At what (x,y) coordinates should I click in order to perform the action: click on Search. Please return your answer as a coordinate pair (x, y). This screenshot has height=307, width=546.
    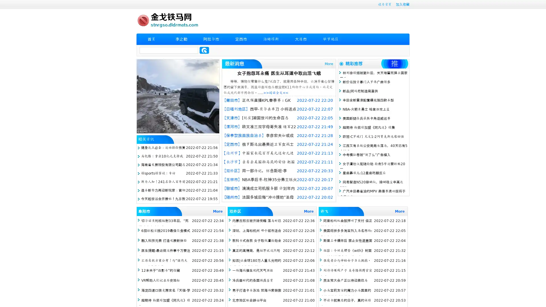
    Looking at the image, I should click on (204, 50).